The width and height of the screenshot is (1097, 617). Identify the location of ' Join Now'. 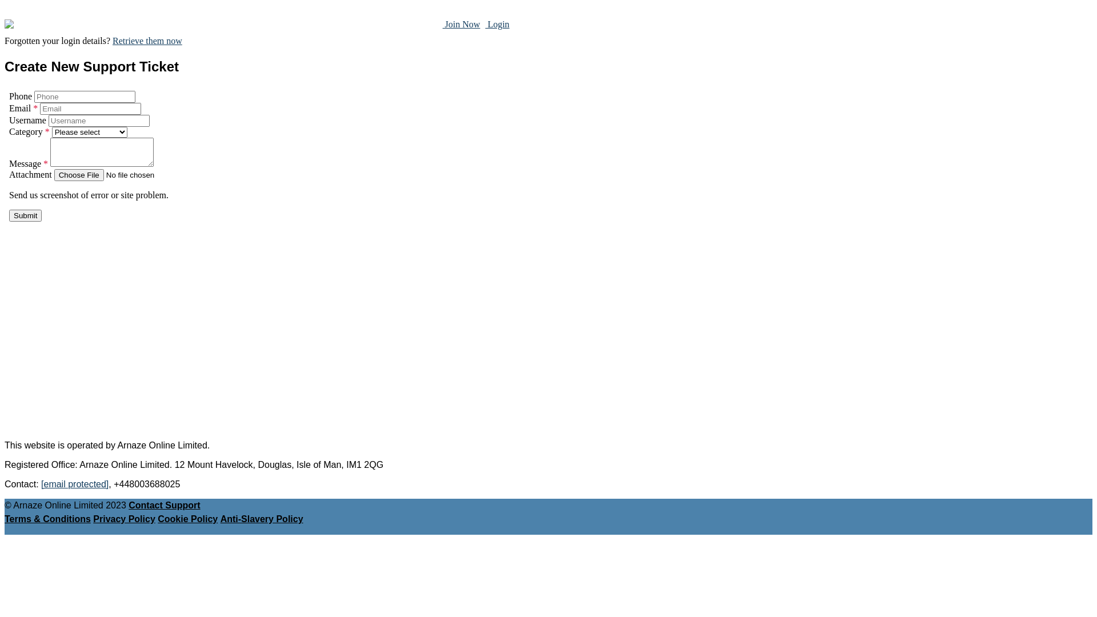
(461, 24).